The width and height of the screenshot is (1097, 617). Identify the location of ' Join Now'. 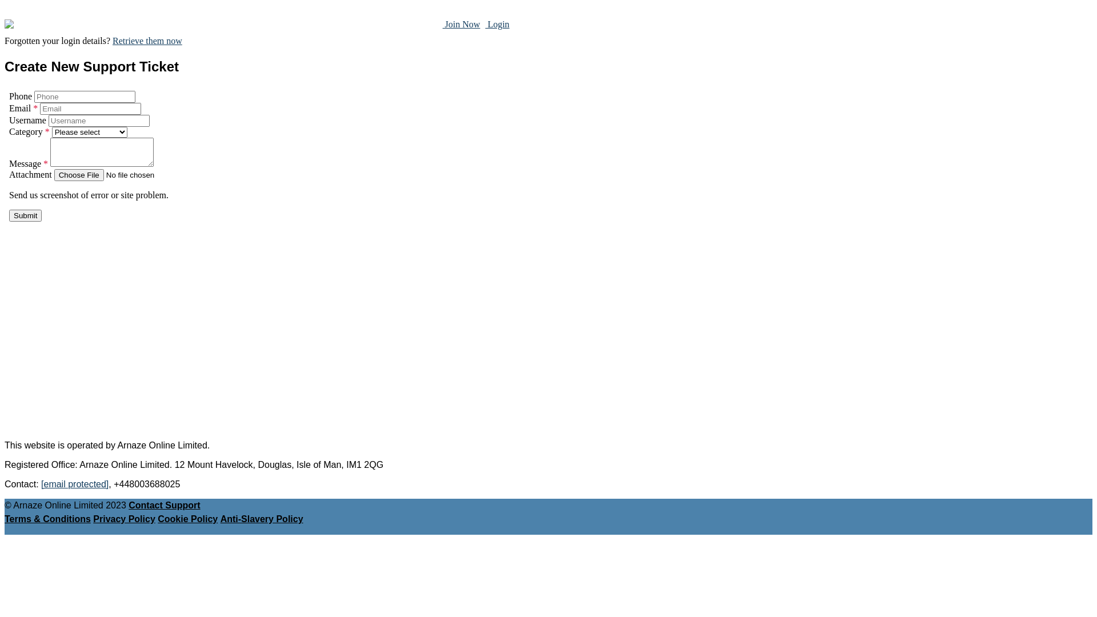
(461, 24).